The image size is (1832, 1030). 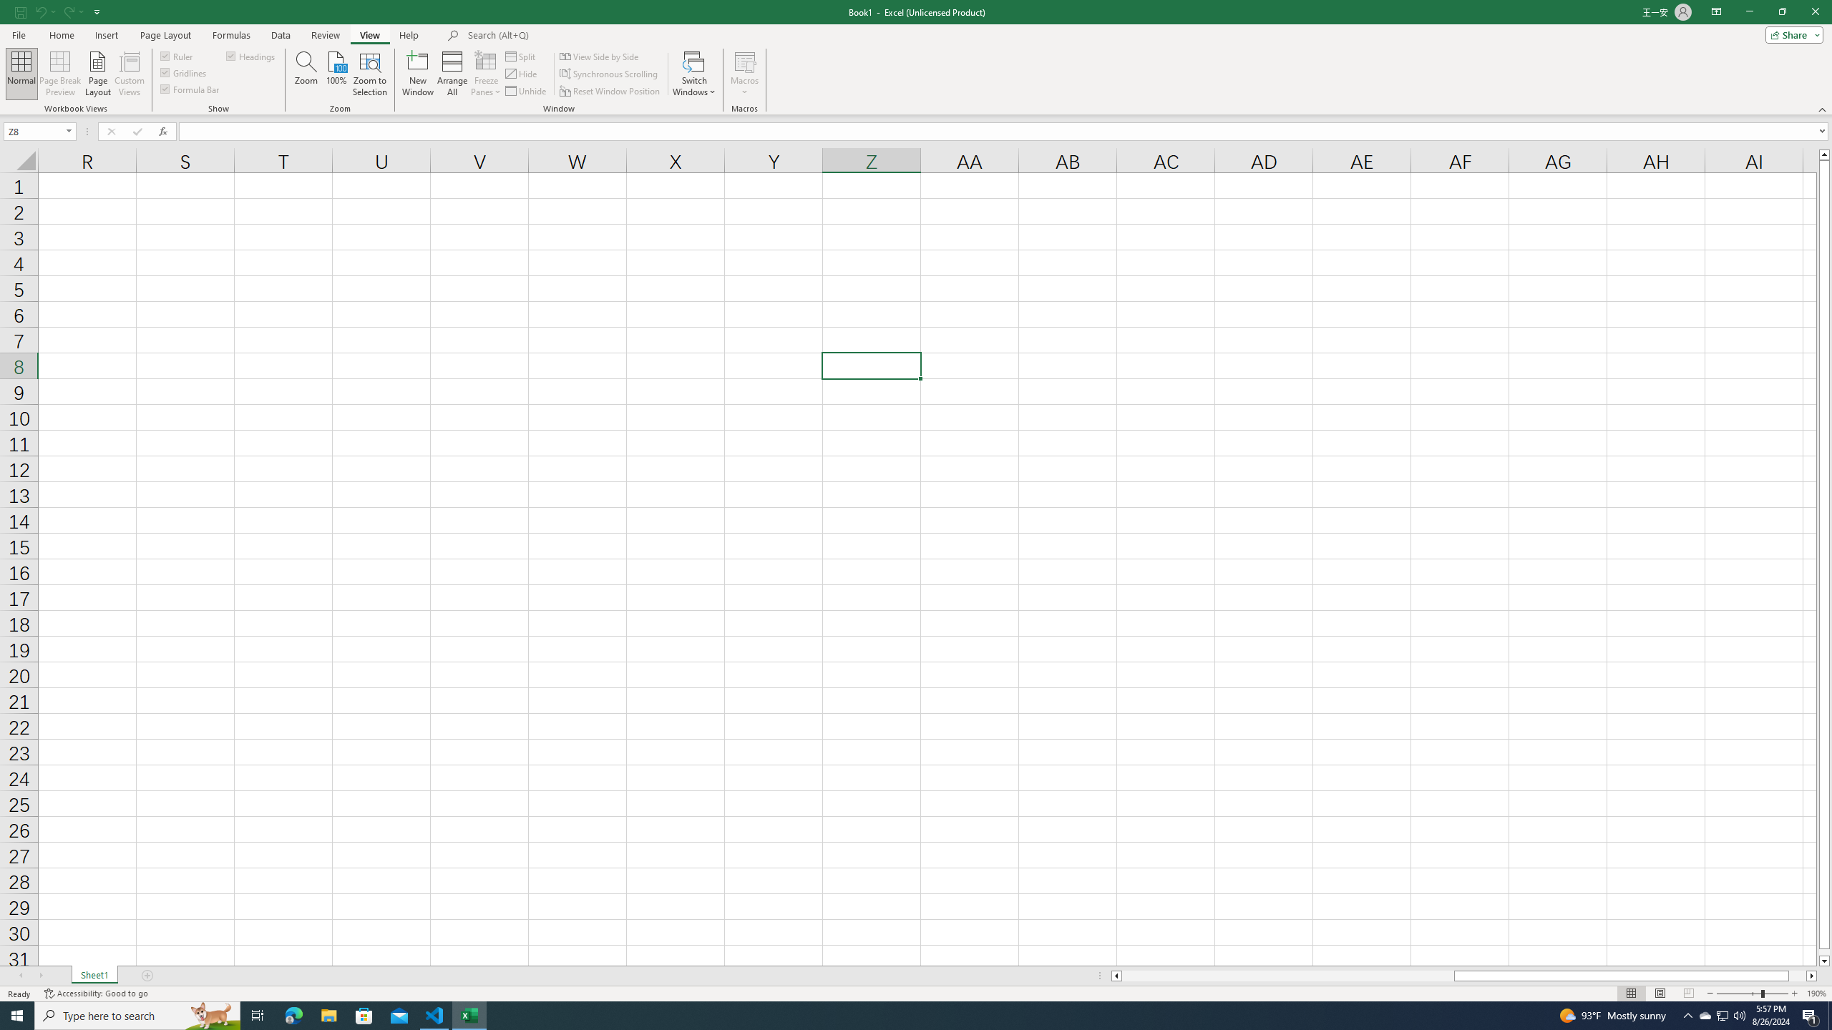 I want to click on 'Hide', so click(x=522, y=74).